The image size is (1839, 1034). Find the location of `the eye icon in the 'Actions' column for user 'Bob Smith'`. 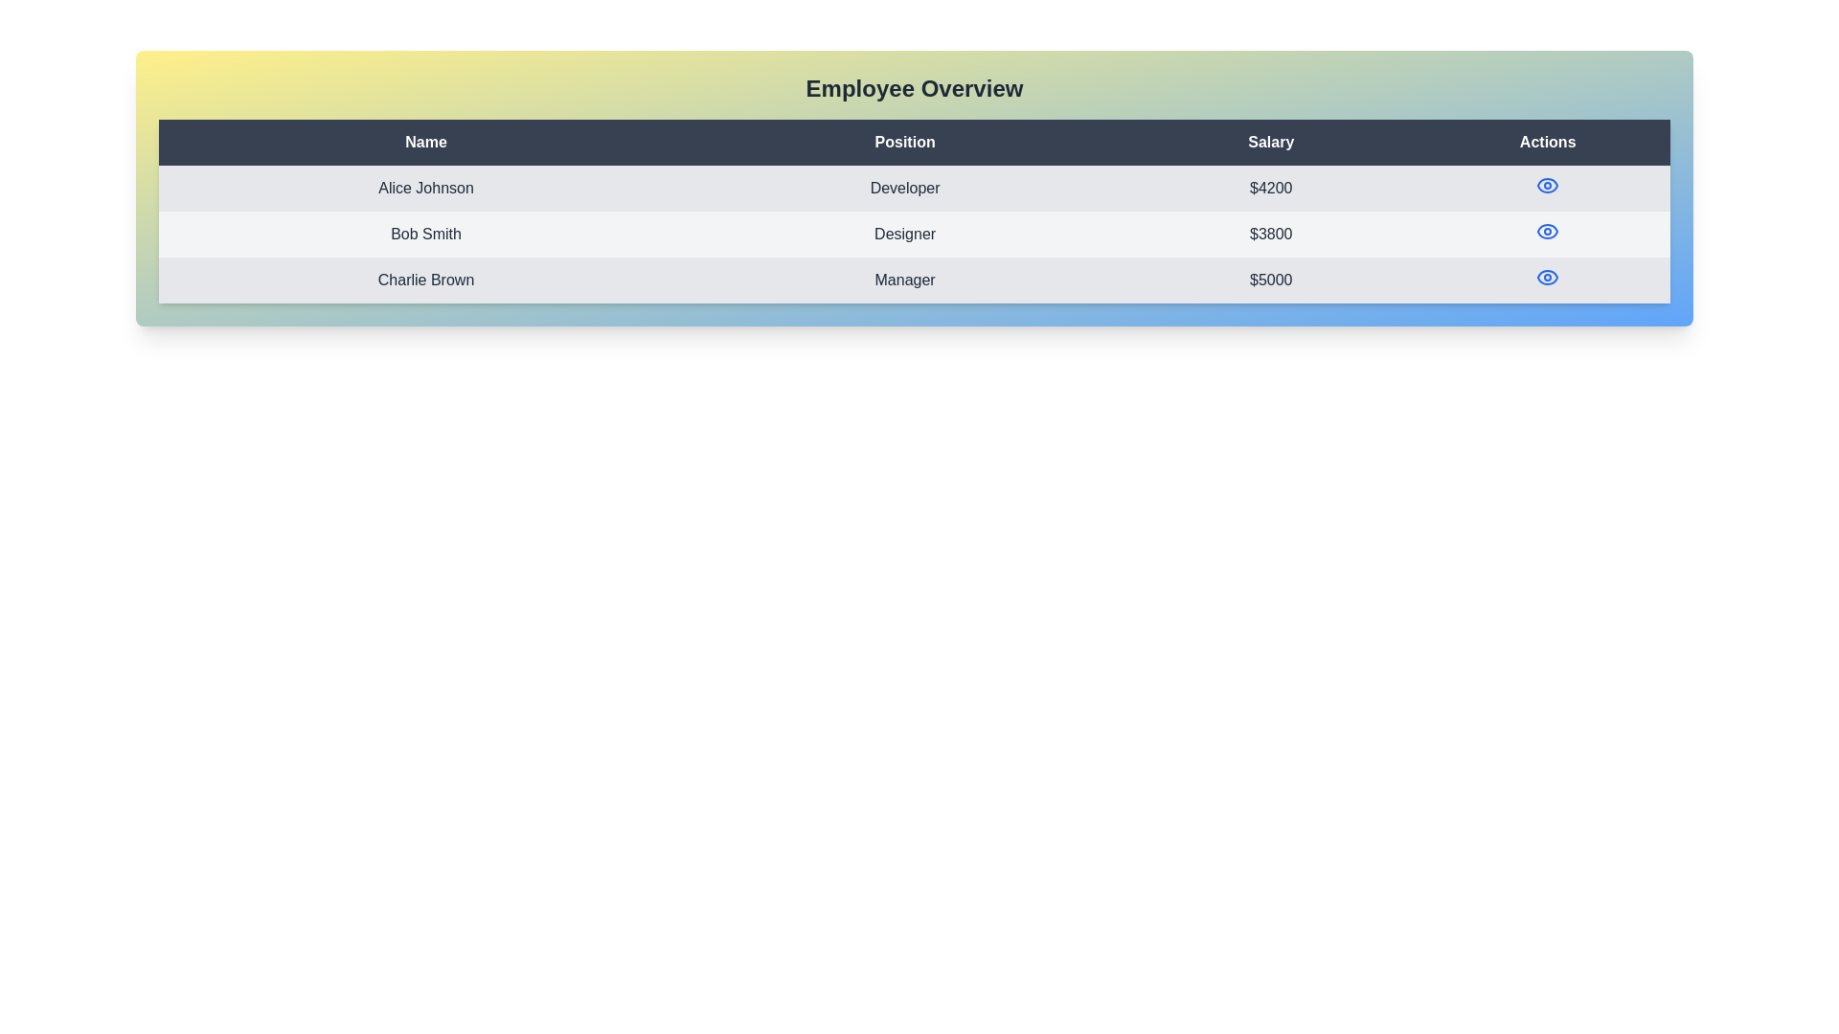

the eye icon in the 'Actions' column for user 'Bob Smith' is located at coordinates (1548, 234).